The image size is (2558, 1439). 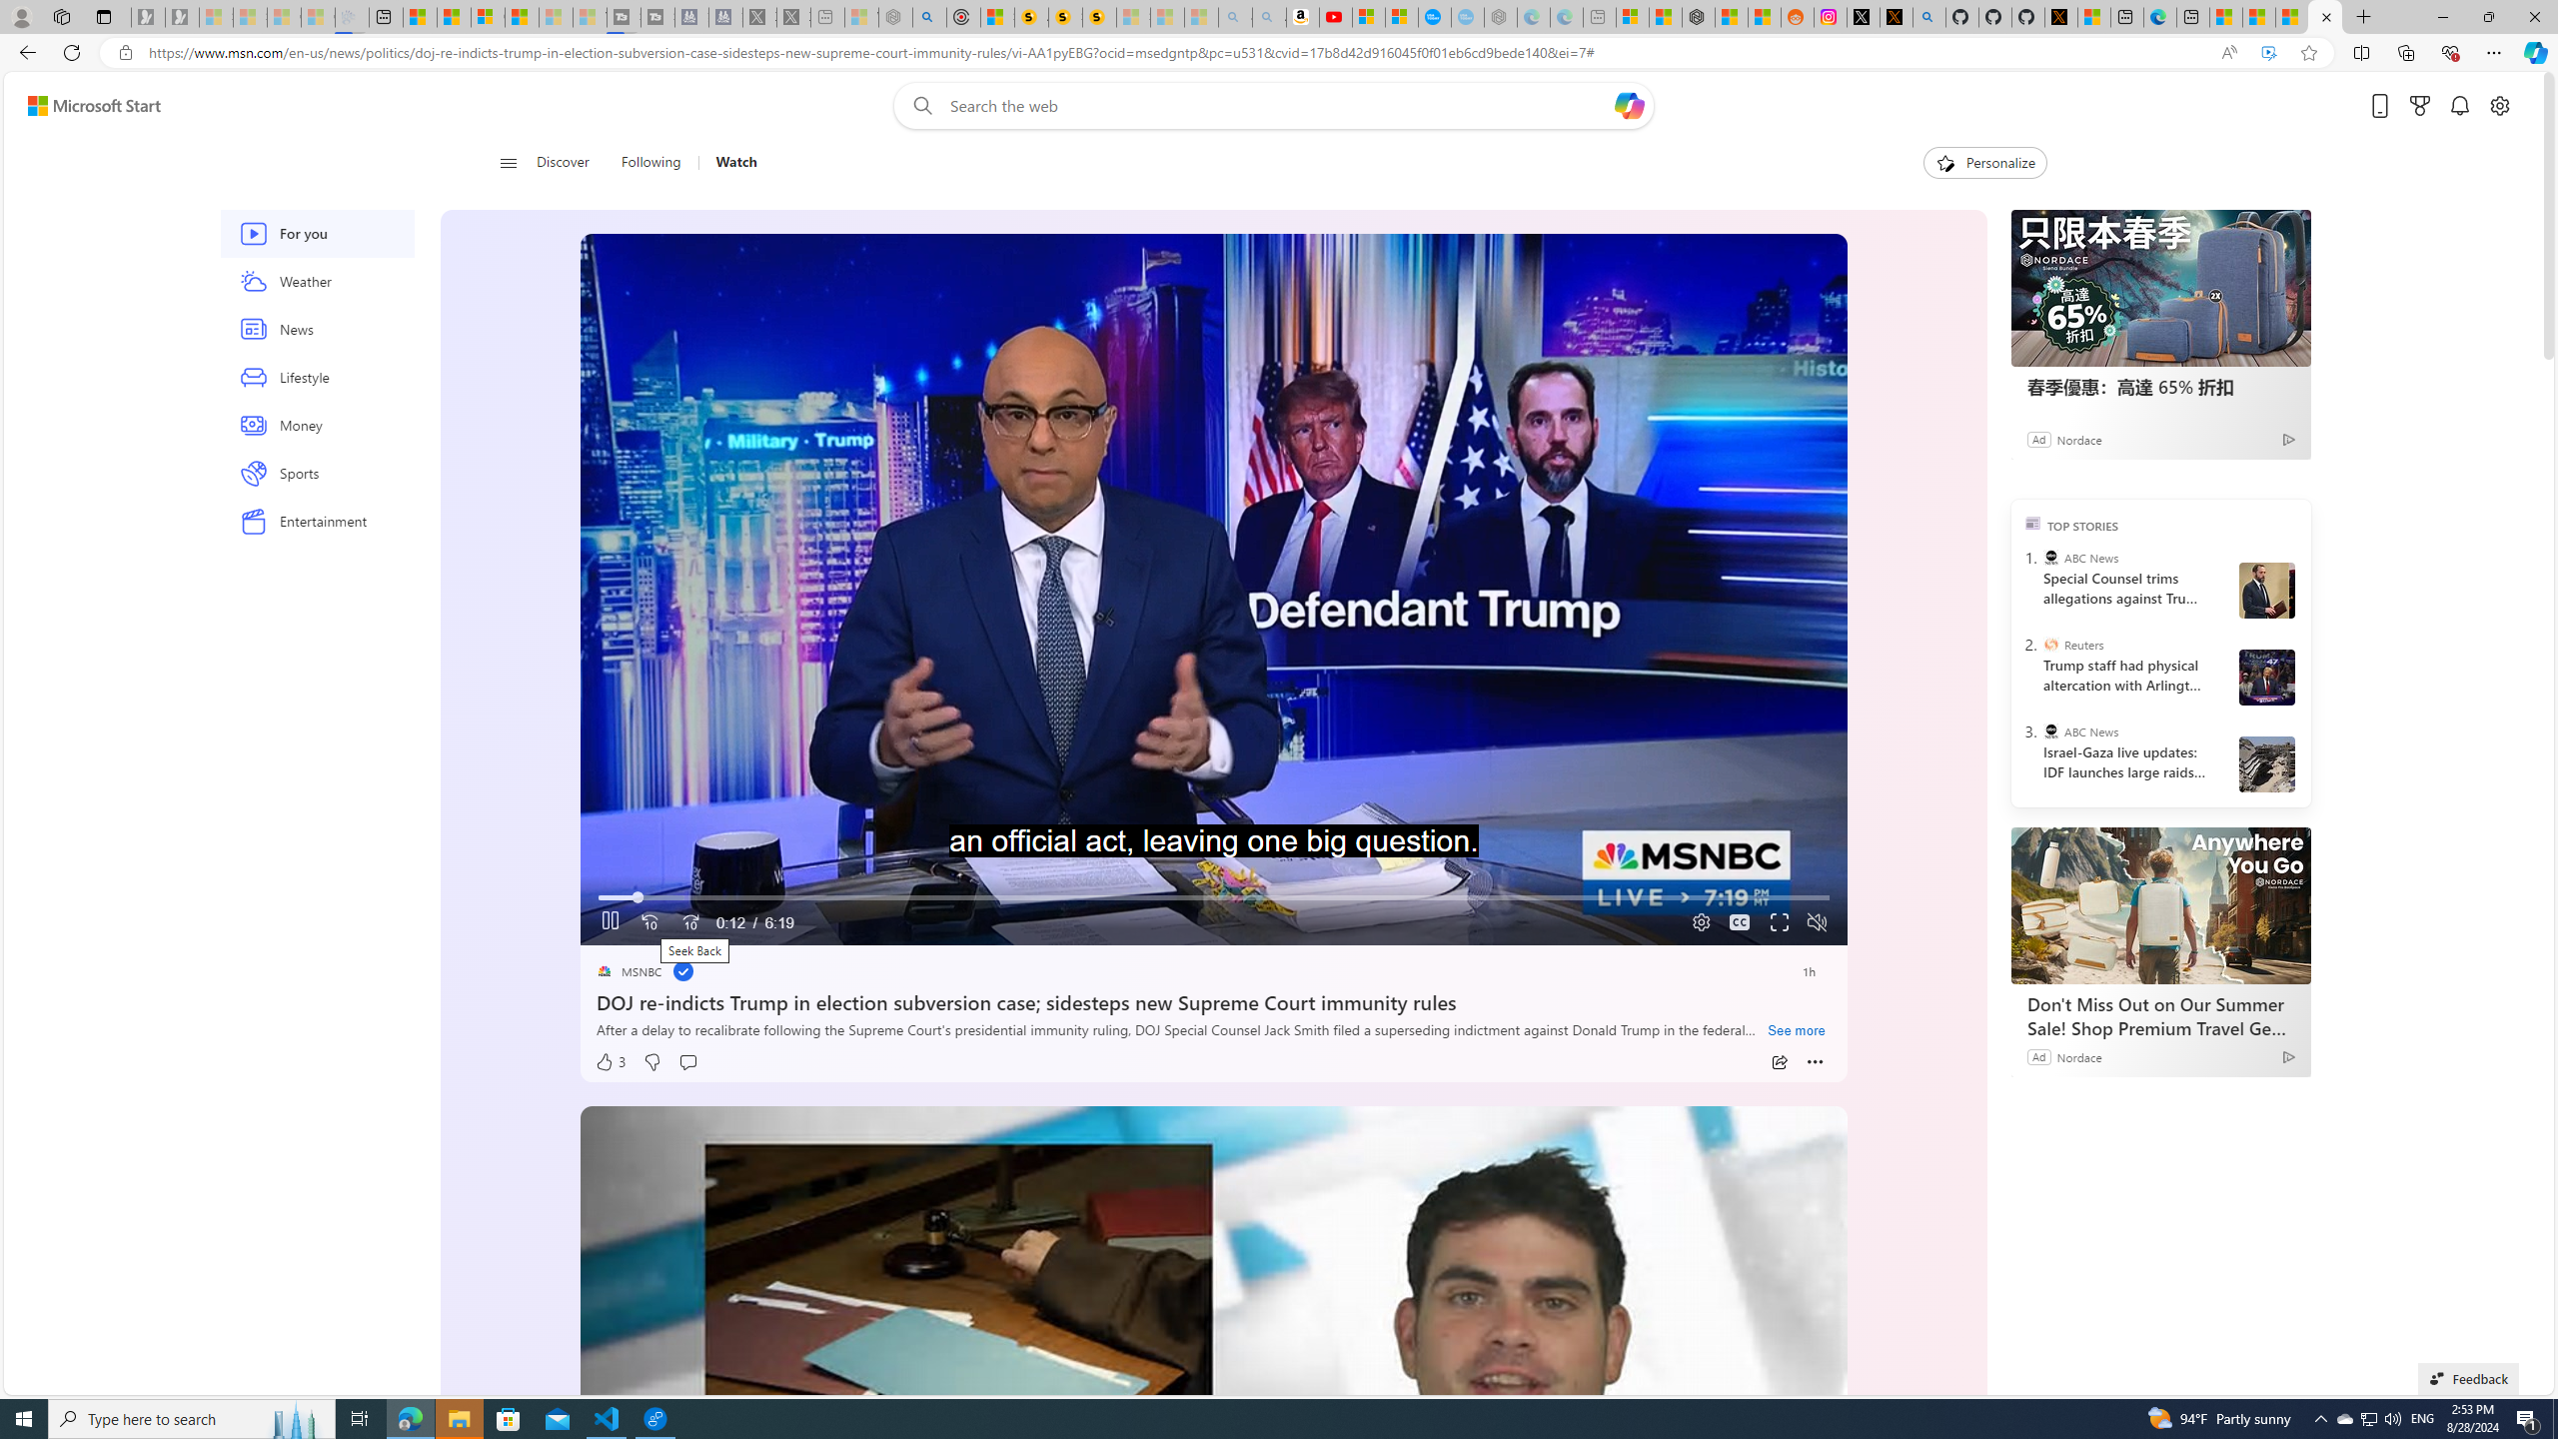 I want to click on 'Personalize', so click(x=1983, y=162).